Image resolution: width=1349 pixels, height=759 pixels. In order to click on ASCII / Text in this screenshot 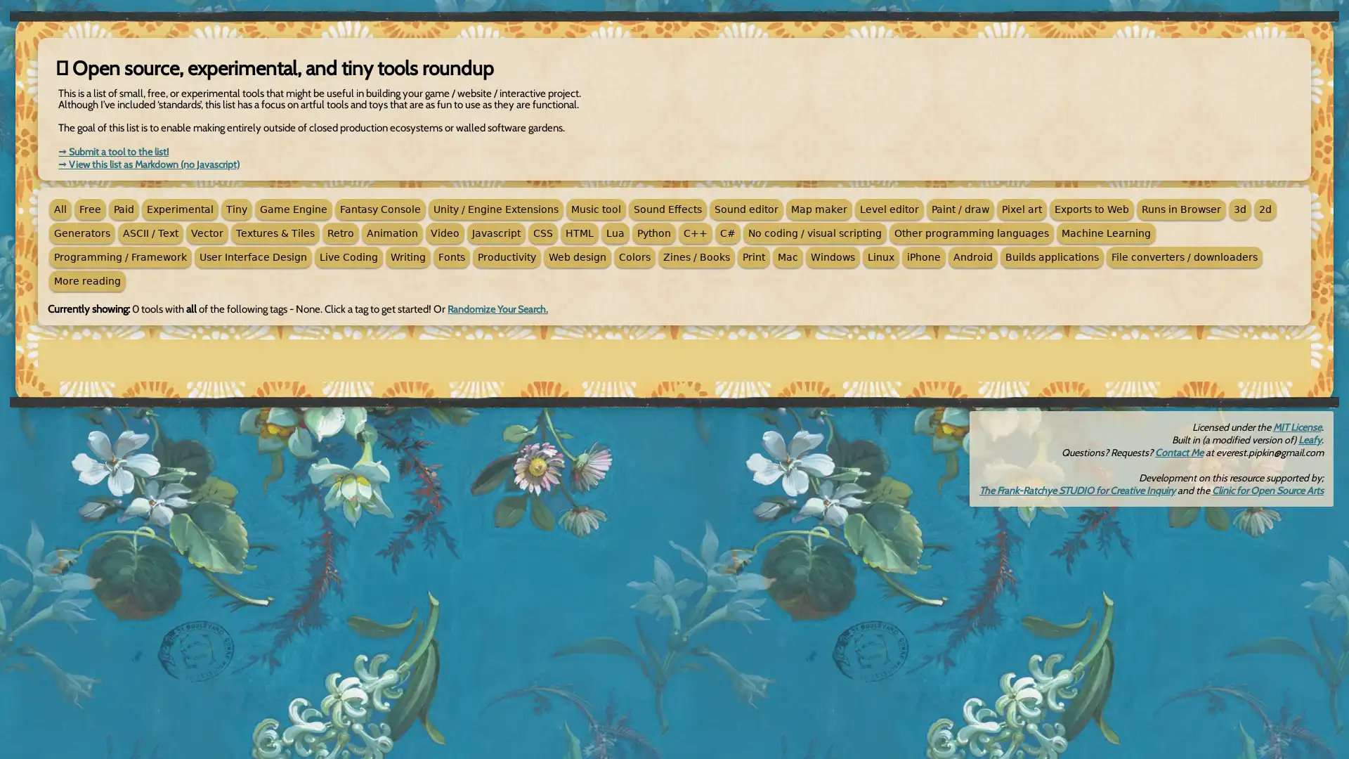, I will do `click(150, 232)`.